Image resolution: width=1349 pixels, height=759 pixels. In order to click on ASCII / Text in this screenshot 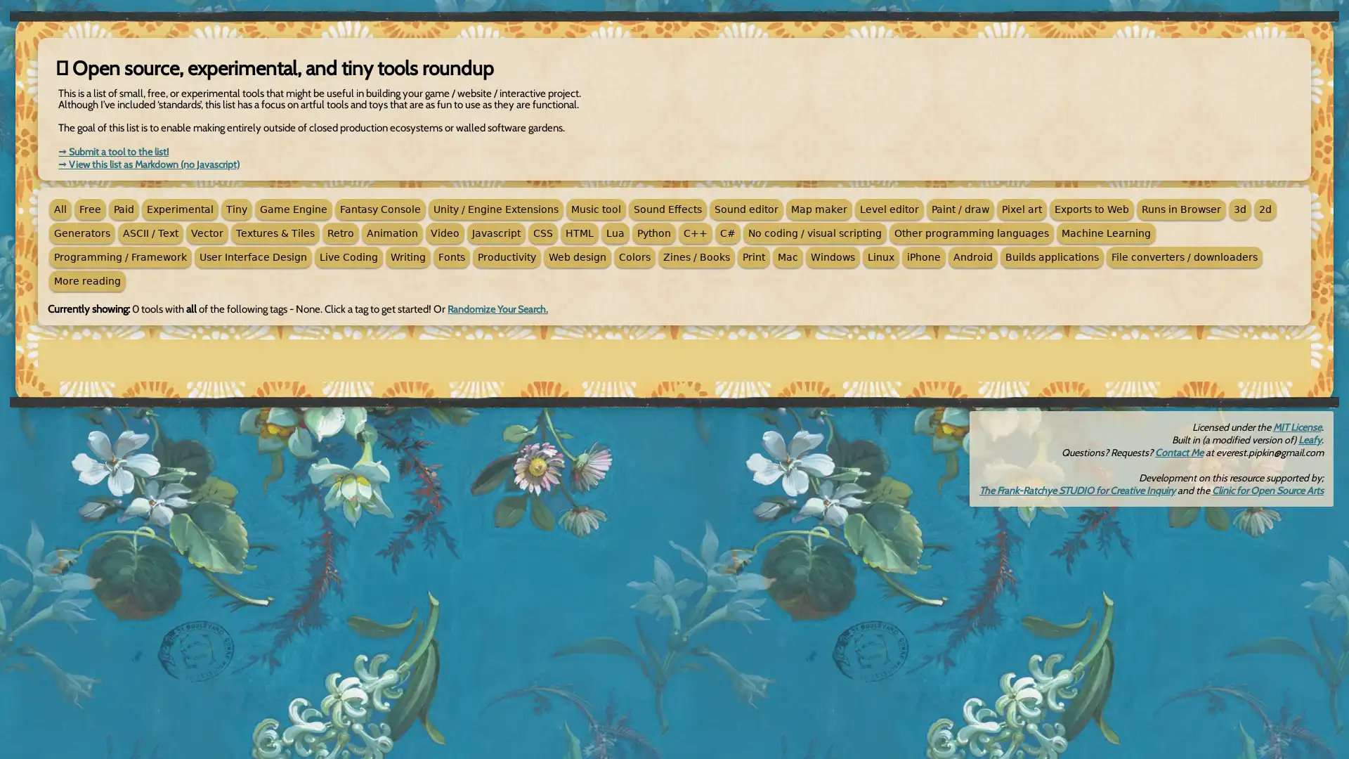, I will do `click(150, 232)`.